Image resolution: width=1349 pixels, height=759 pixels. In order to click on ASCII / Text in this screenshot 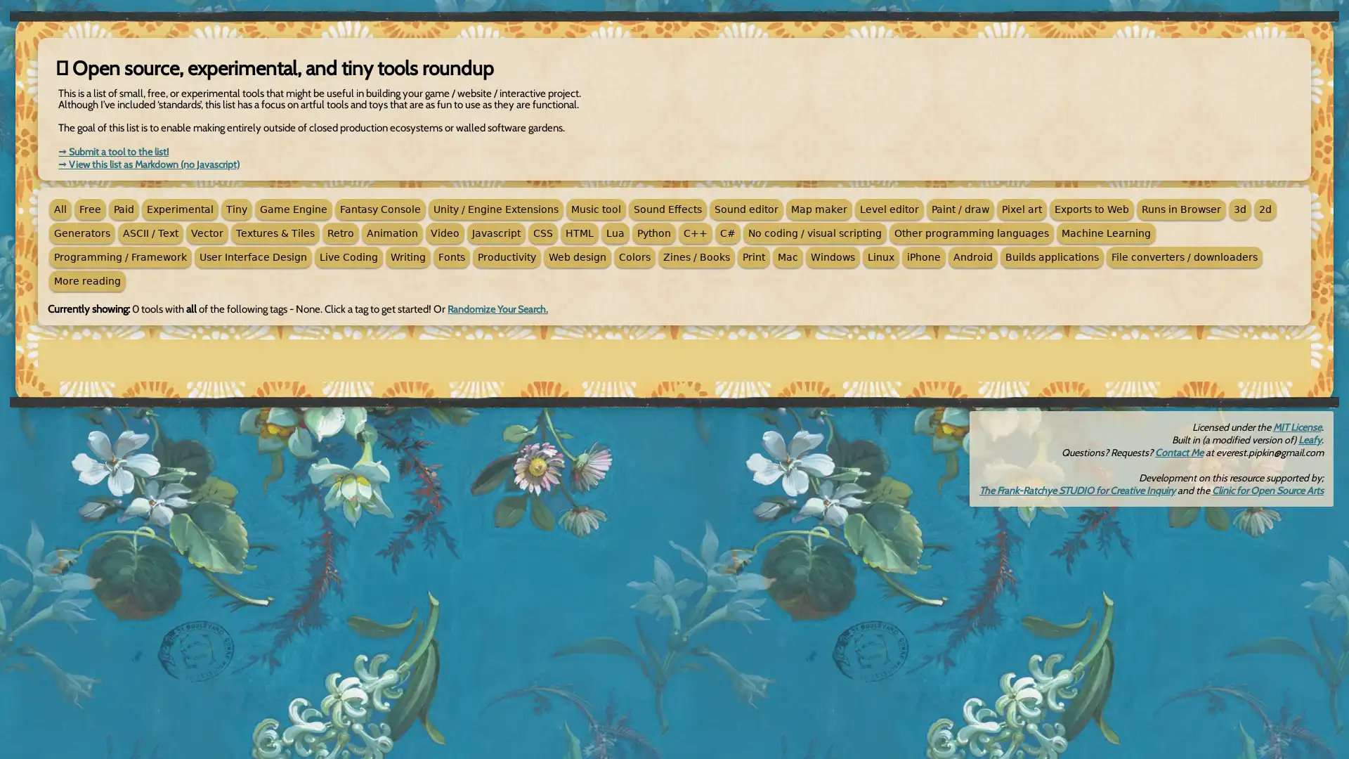, I will do `click(150, 232)`.